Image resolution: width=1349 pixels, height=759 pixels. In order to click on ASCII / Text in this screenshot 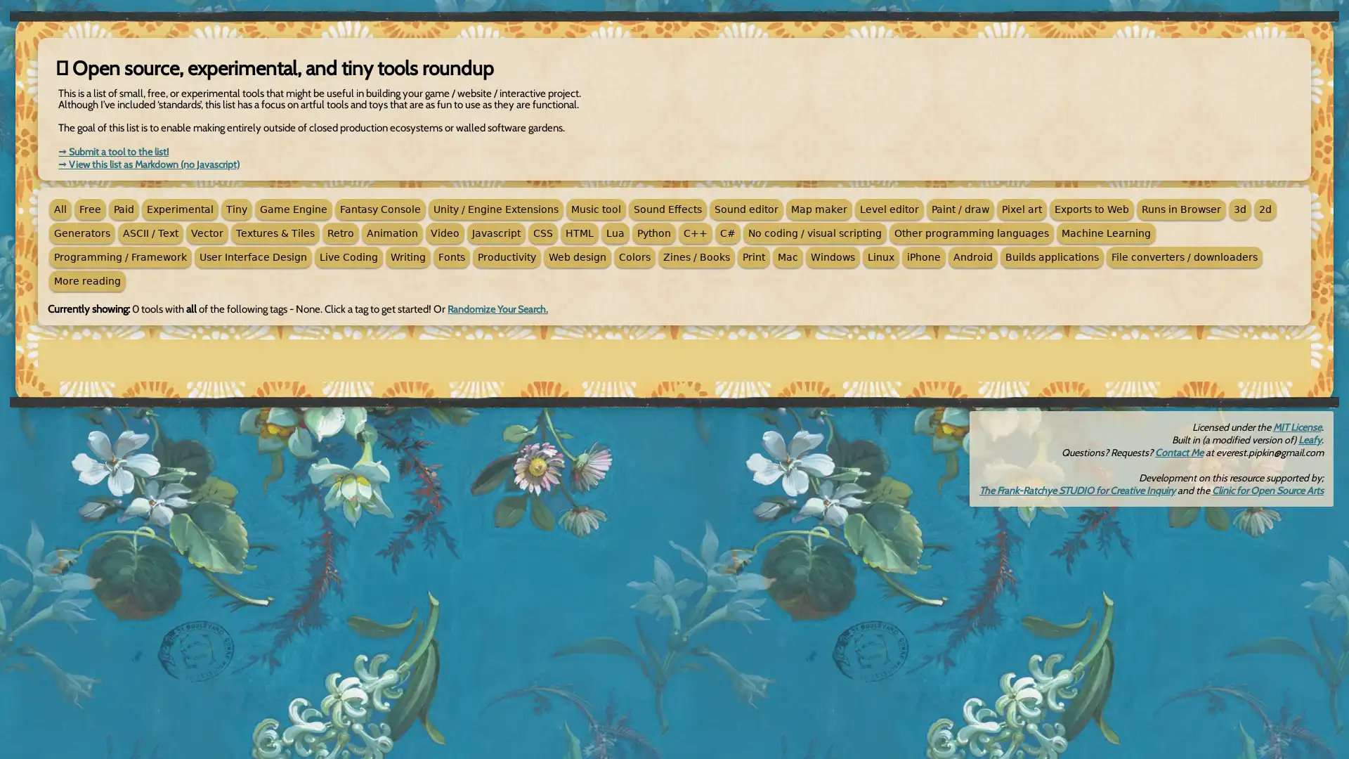, I will do `click(150, 232)`.